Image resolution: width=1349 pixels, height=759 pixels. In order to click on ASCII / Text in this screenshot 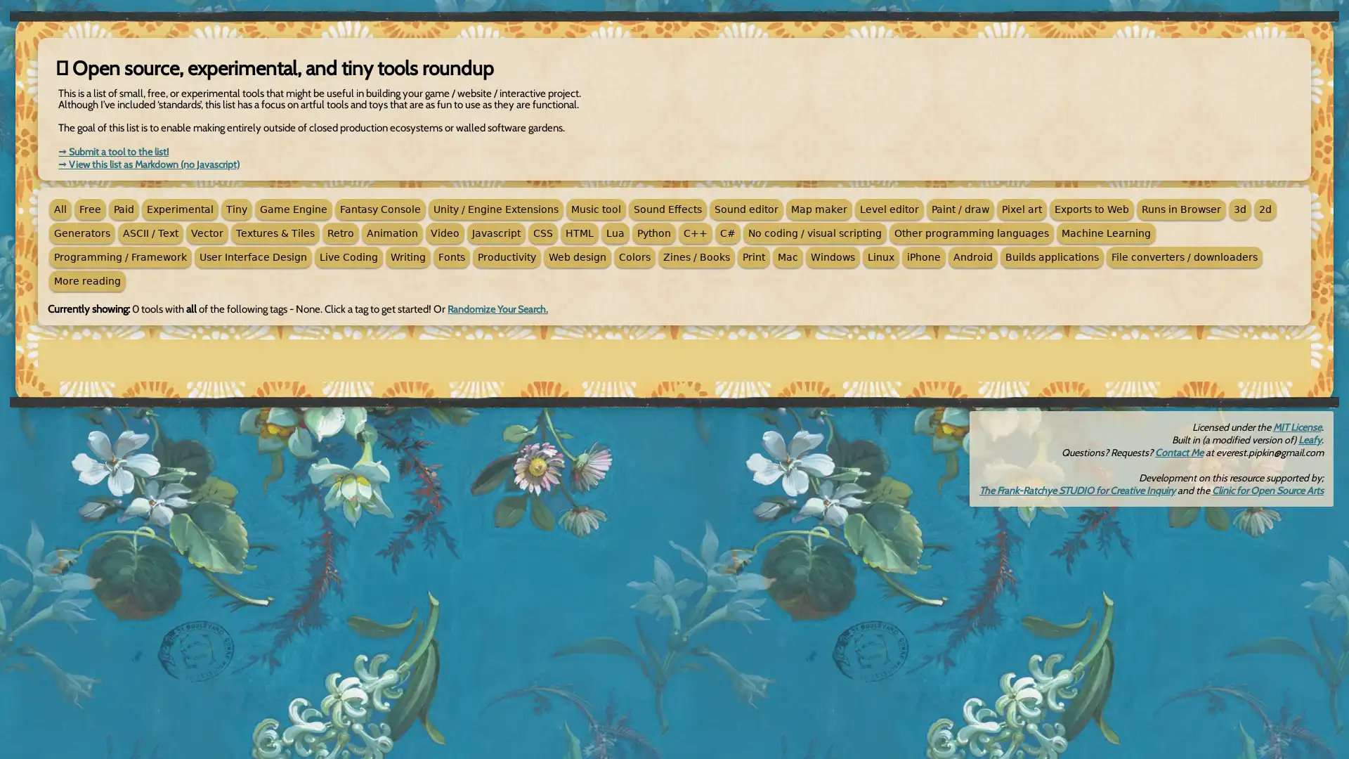, I will do `click(150, 232)`.